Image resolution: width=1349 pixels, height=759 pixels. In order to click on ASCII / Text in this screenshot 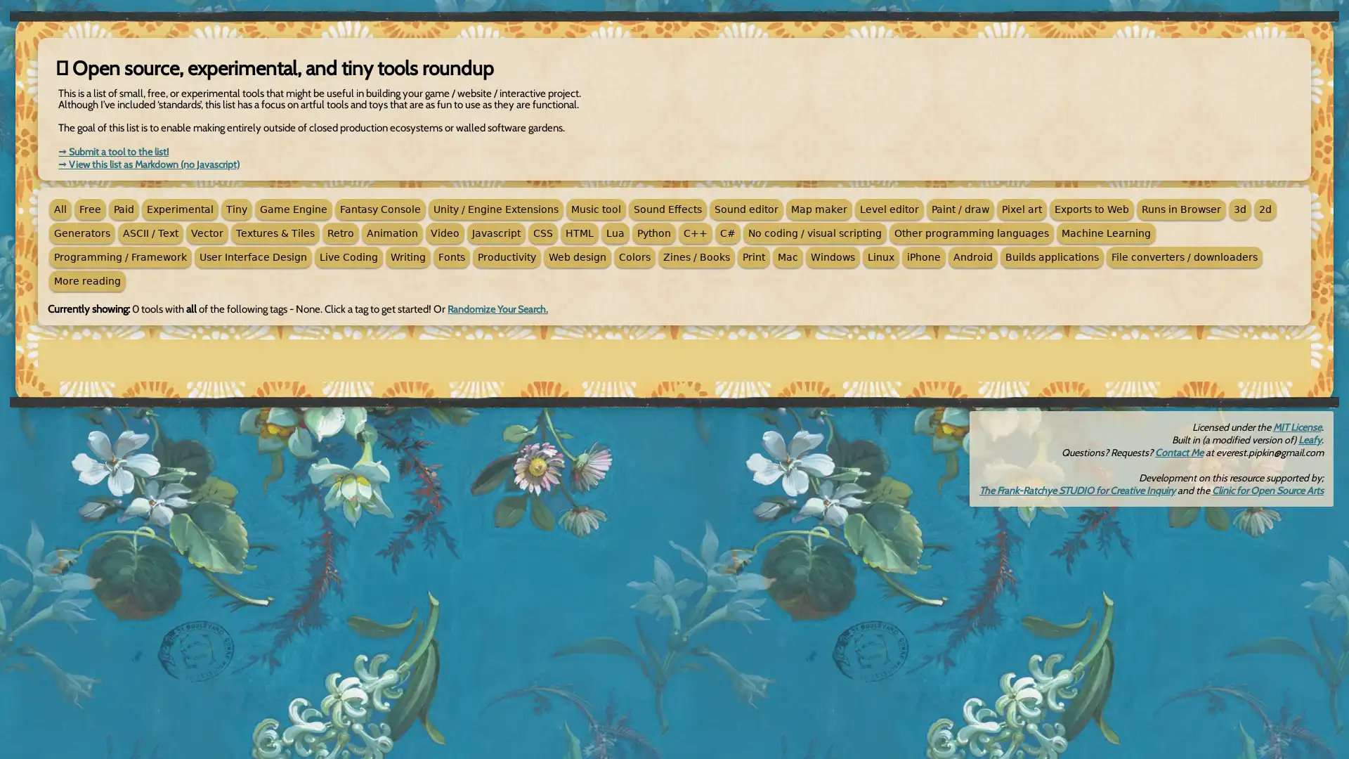, I will do `click(150, 232)`.